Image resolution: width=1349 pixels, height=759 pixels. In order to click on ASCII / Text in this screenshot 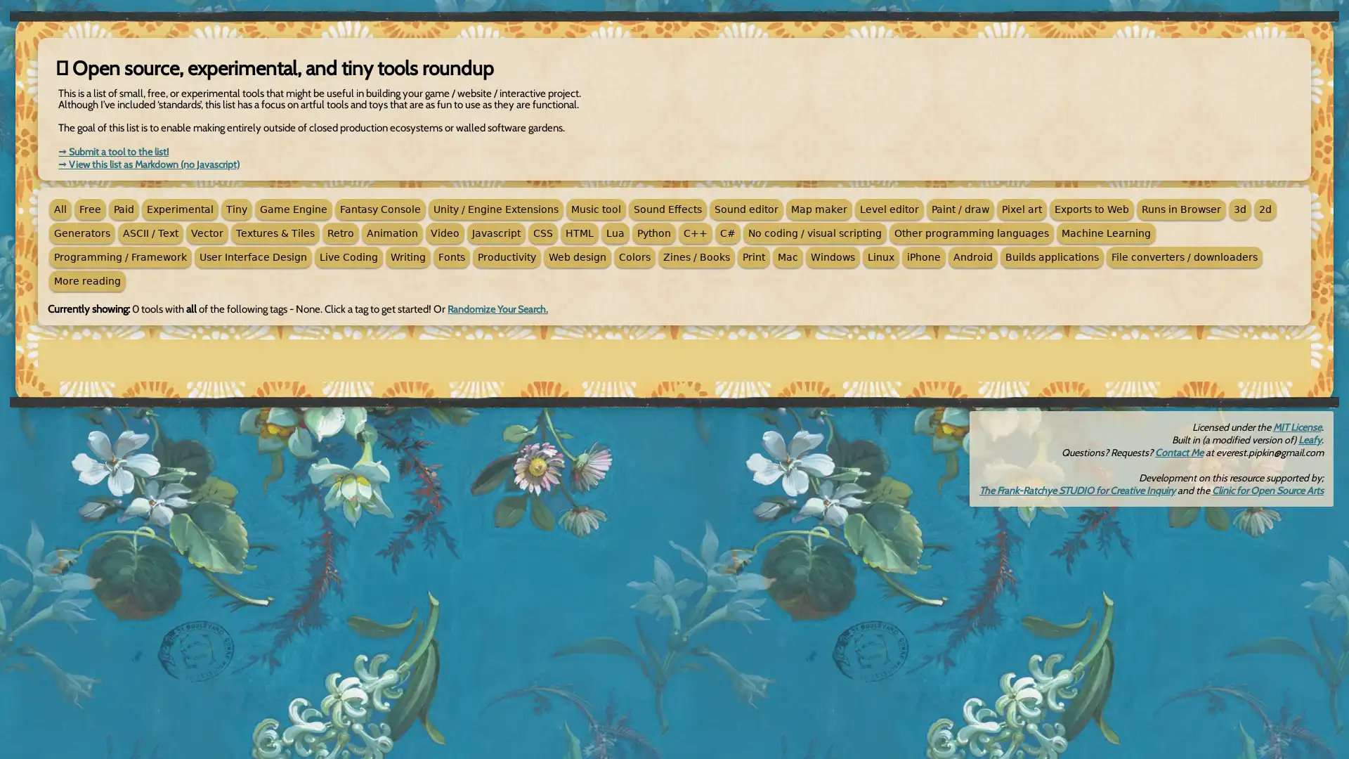, I will do `click(150, 232)`.